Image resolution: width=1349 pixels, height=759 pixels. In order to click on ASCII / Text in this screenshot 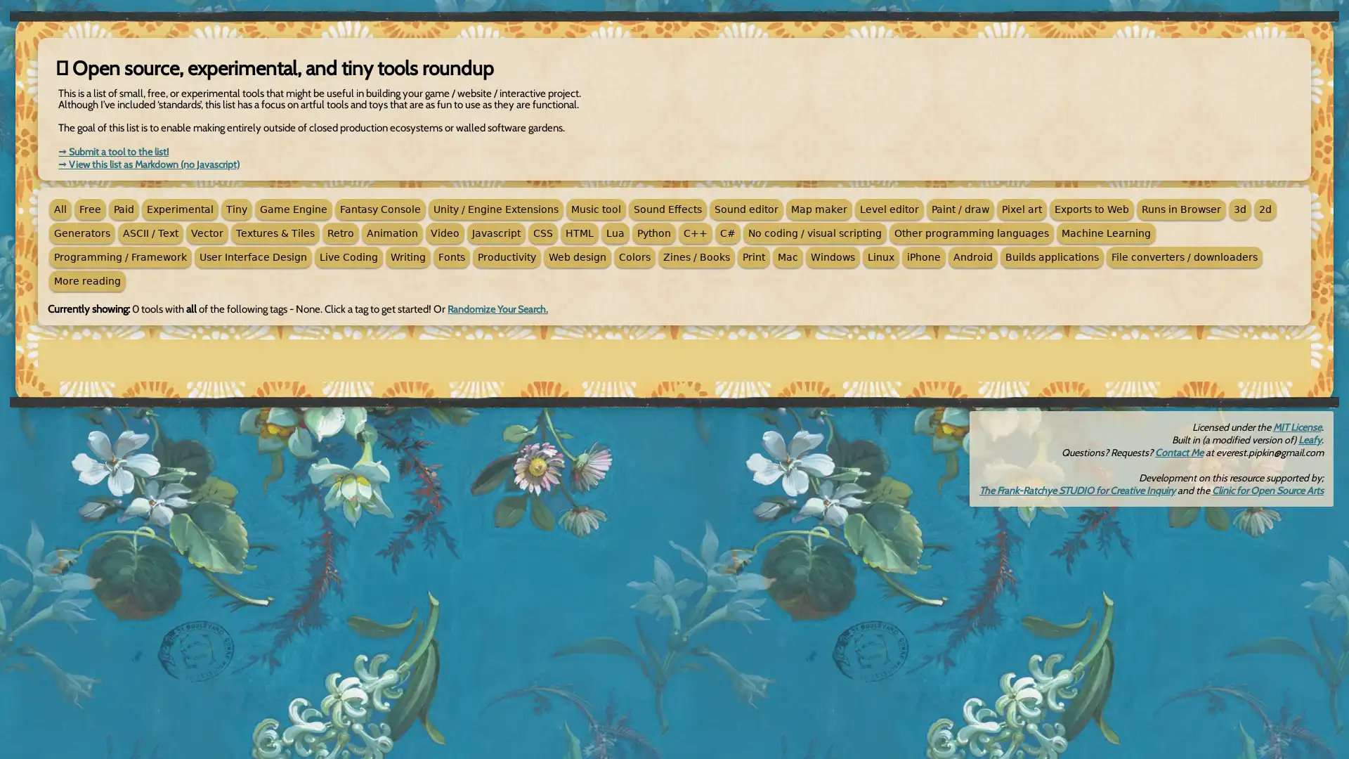, I will do `click(150, 232)`.